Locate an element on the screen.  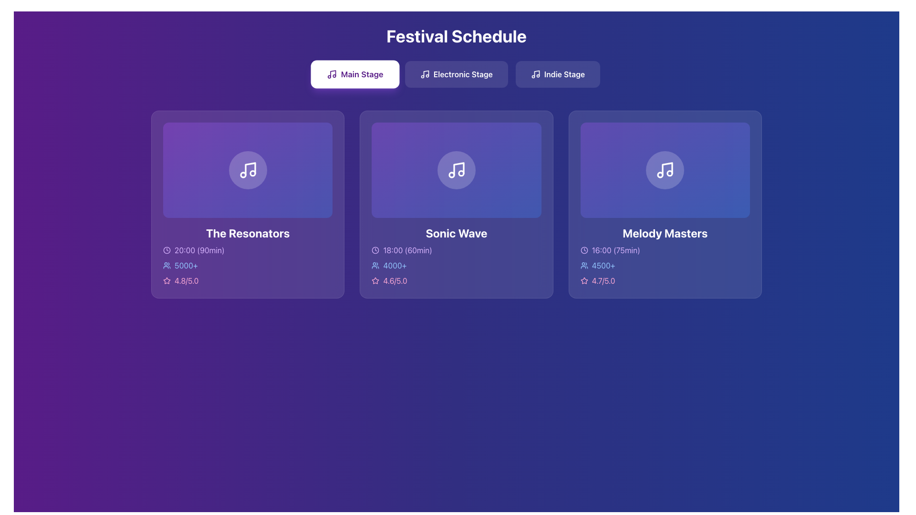
the white music icon resembling two connected notes, which is centrally located within the 'Melody Masters' content box under the 'Main Stage' tab is located at coordinates (665, 169).